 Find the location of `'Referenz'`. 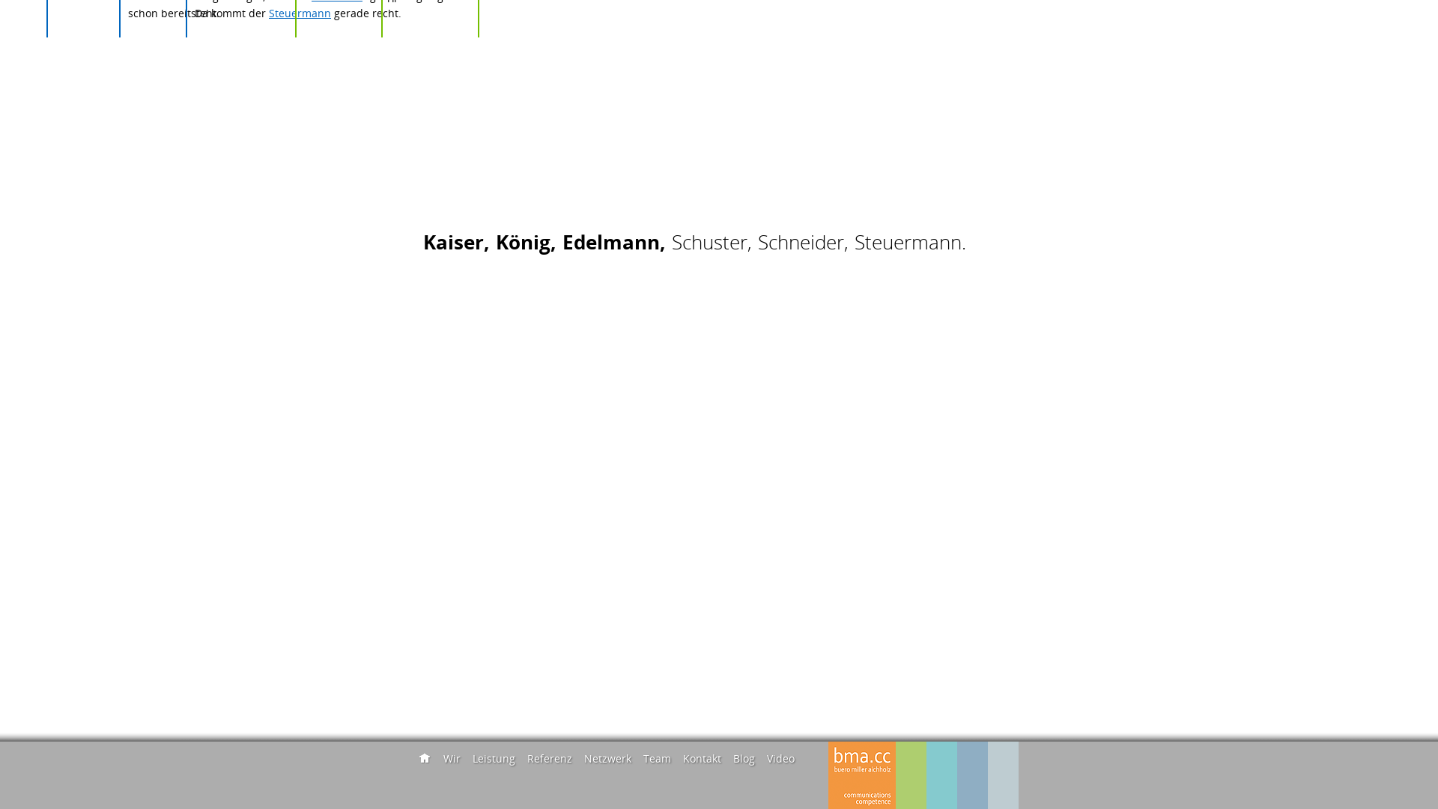

'Referenz' is located at coordinates (549, 758).